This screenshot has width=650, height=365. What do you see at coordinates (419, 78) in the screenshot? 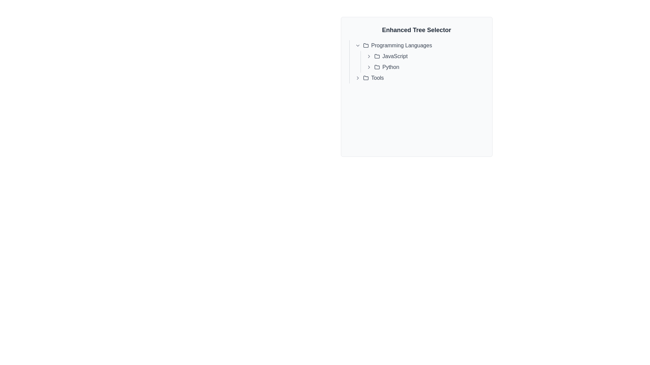
I see `the 'Tools' TreeNode element in the hierarchical tree structure` at bounding box center [419, 78].